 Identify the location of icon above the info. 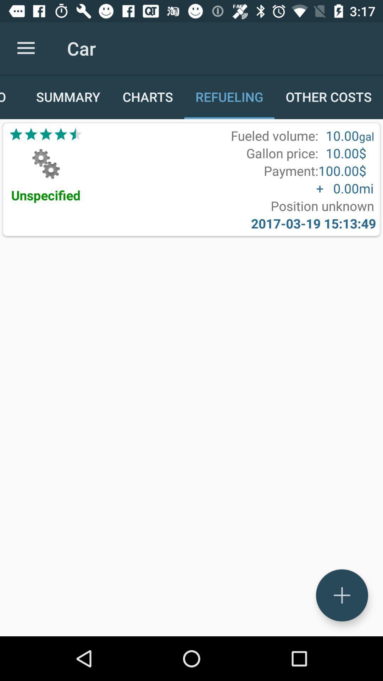
(26, 48).